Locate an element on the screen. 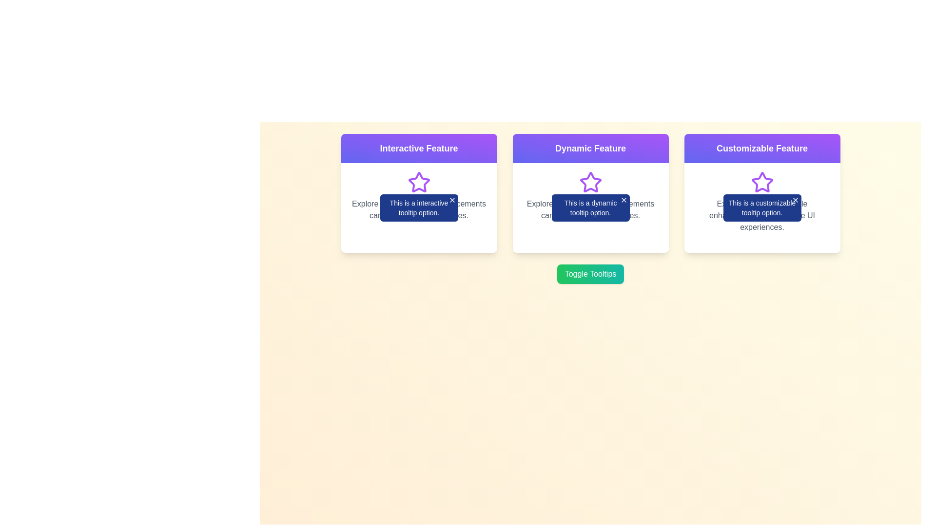 The width and height of the screenshot is (936, 526). the customizable feature icon located in the section labeled 'Customizable Feature', positioned above the text 'Explore how customizable enhancements can improve UI experiences.' is located at coordinates (761, 182).